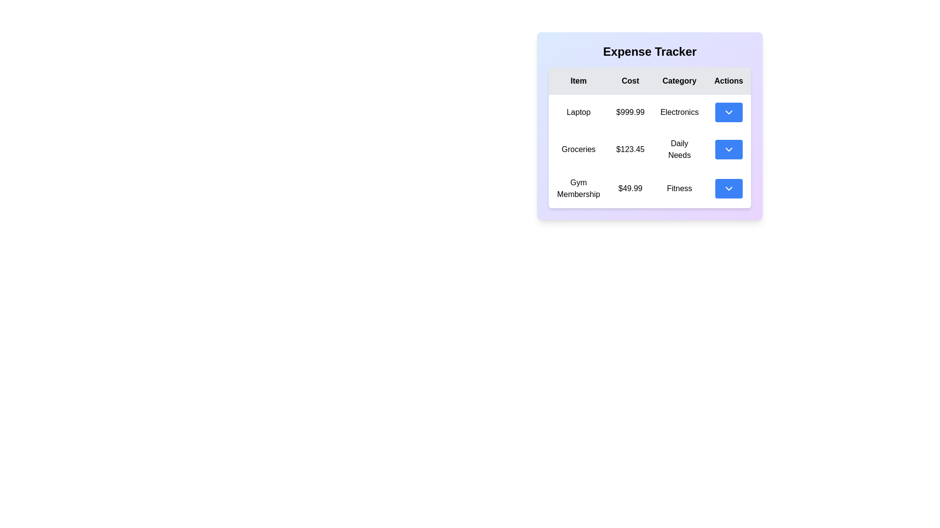 Image resolution: width=940 pixels, height=528 pixels. What do you see at coordinates (728, 112) in the screenshot?
I see `the button with a downward-facing chevron icon located in the 'Actions' column of the first row for the item 'Laptop'` at bounding box center [728, 112].